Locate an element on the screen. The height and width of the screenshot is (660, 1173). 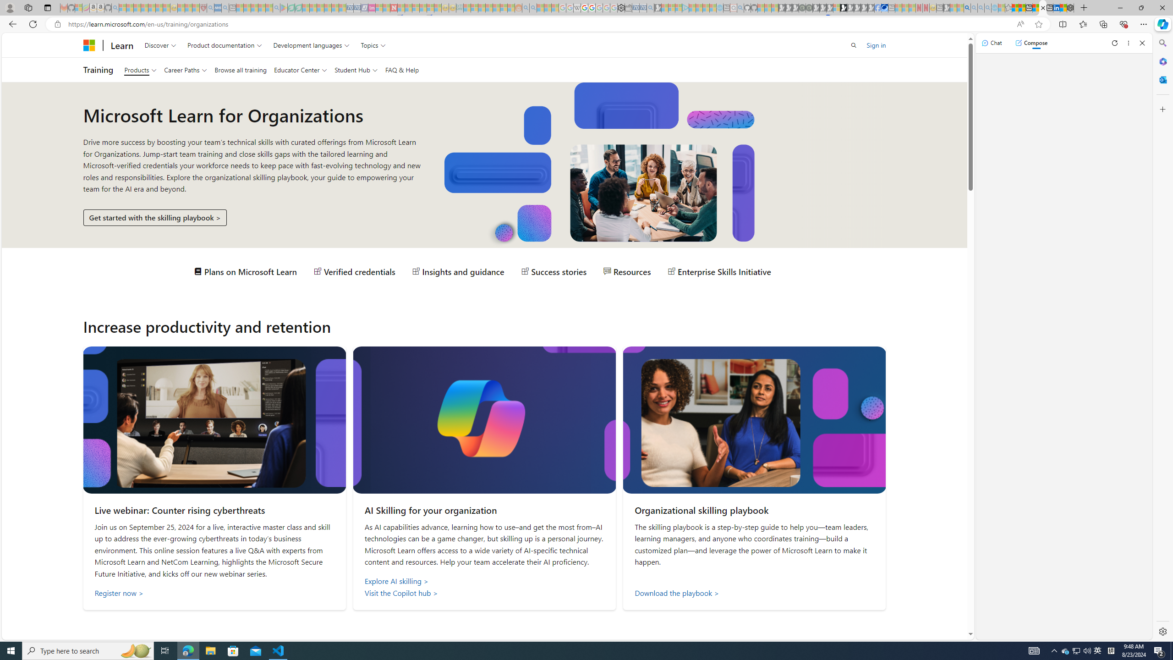
'Topics' is located at coordinates (373, 44).